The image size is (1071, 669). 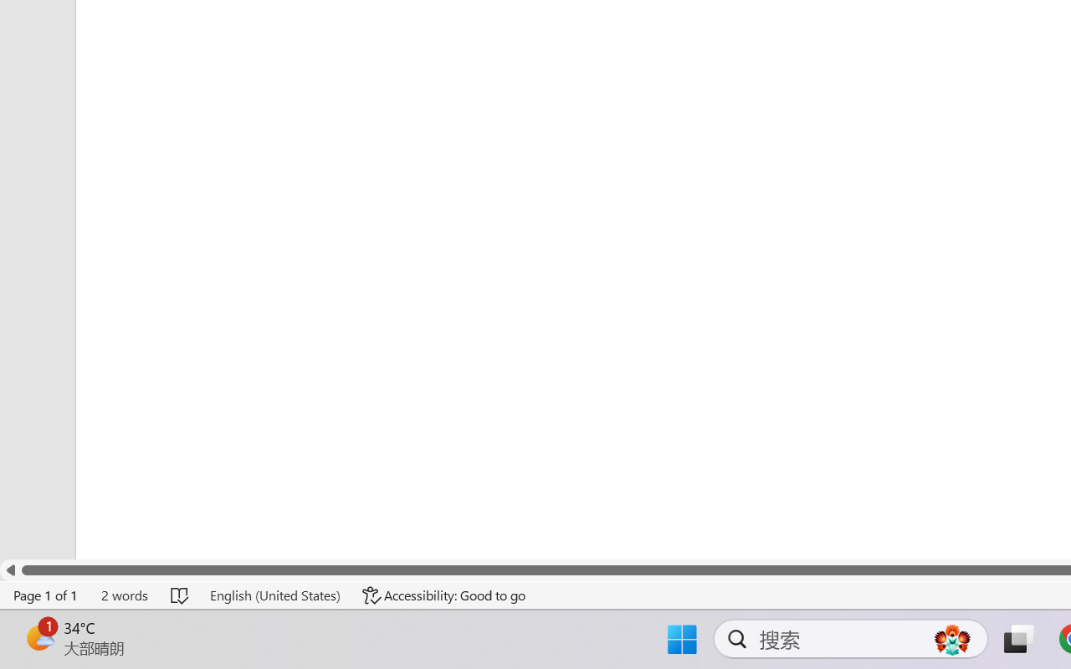 I want to click on 'Spelling and Grammar Check No Errors', so click(x=181, y=595).